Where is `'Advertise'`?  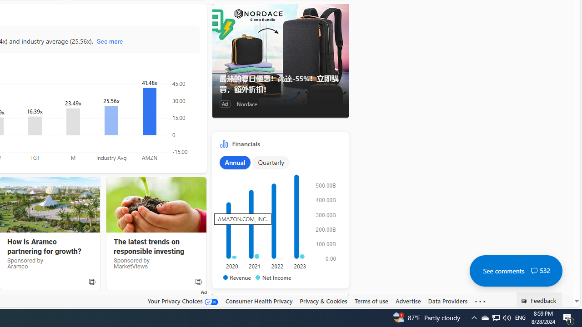 'Advertise' is located at coordinates (407, 301).